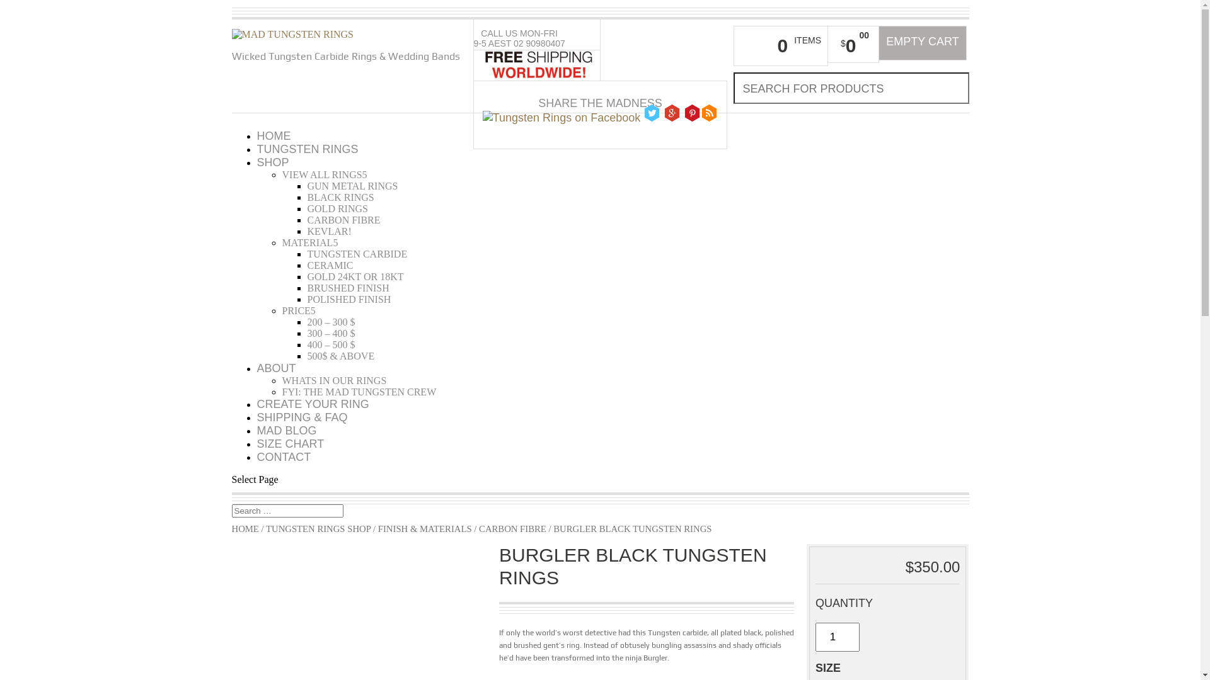 This screenshot has height=680, width=1210. Describe the element at coordinates (308, 208) in the screenshot. I see `'GOLD RINGS'` at that location.